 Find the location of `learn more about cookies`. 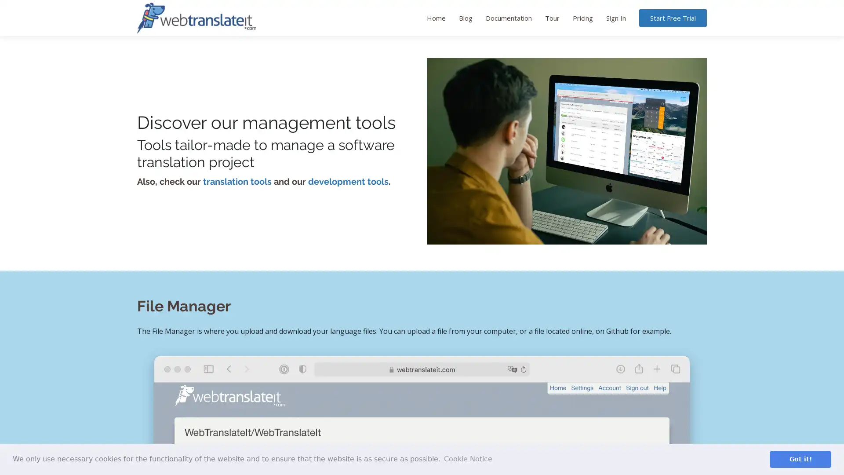

learn more about cookies is located at coordinates (467, 459).